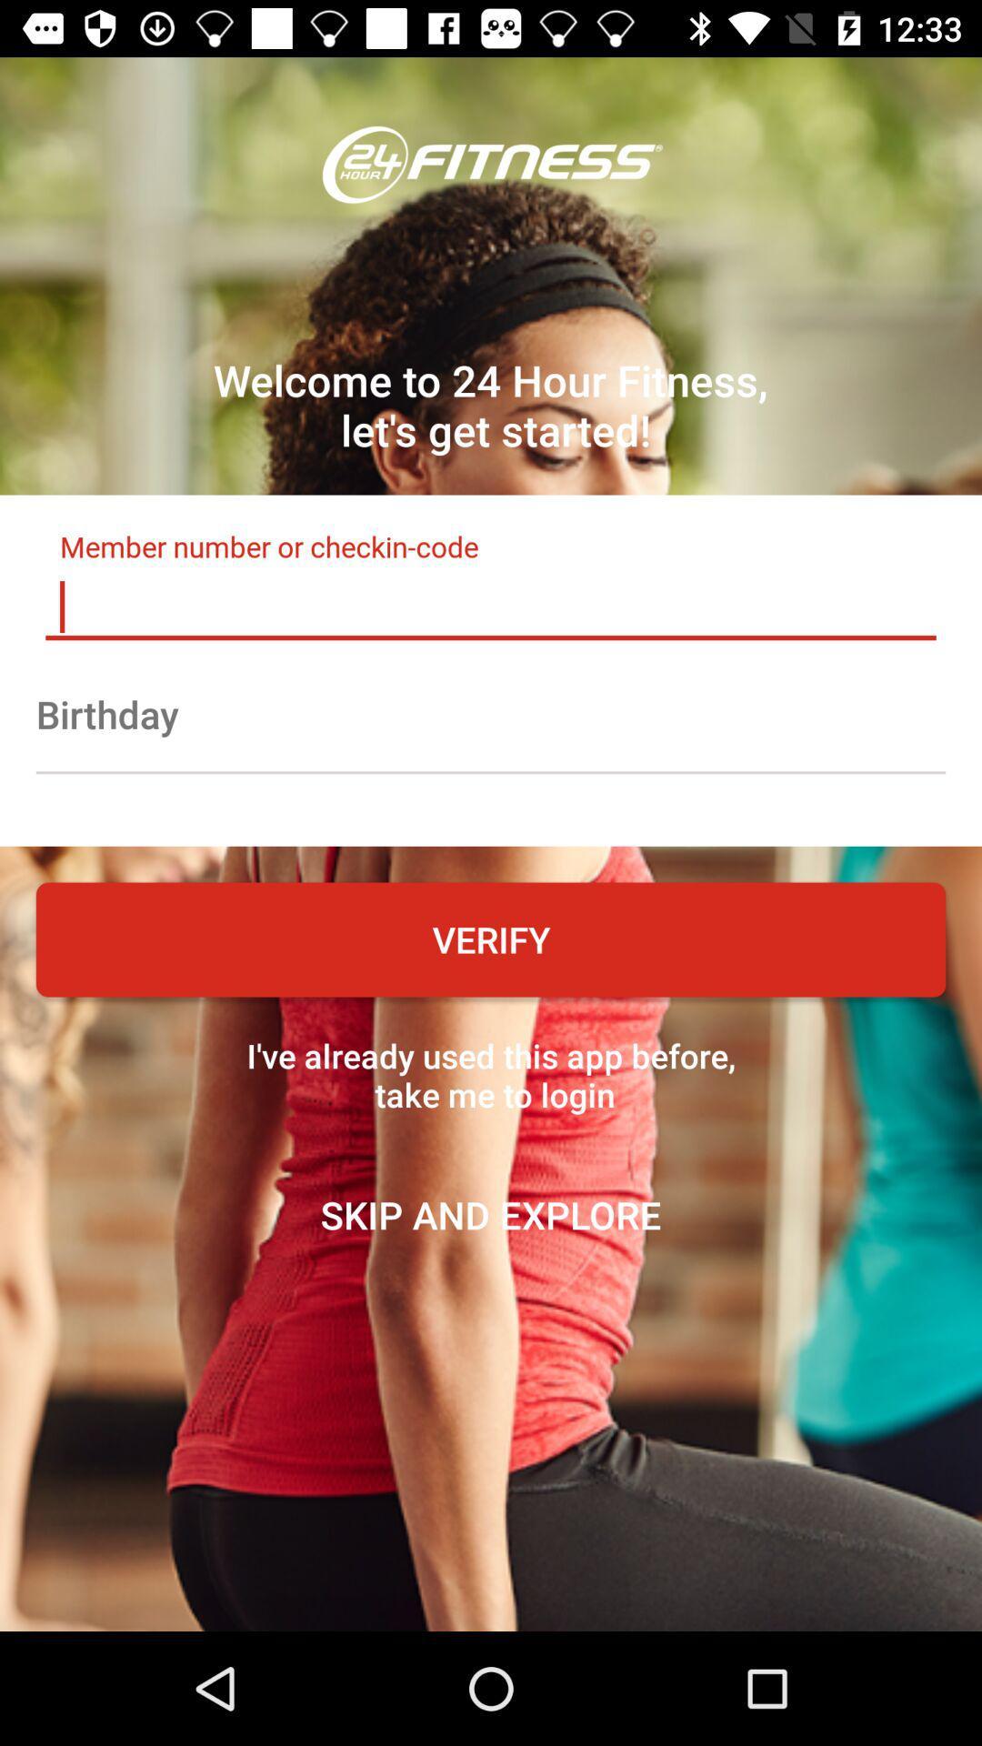 The image size is (982, 1746). Describe the element at coordinates (491, 607) in the screenshot. I see `the member number` at that location.